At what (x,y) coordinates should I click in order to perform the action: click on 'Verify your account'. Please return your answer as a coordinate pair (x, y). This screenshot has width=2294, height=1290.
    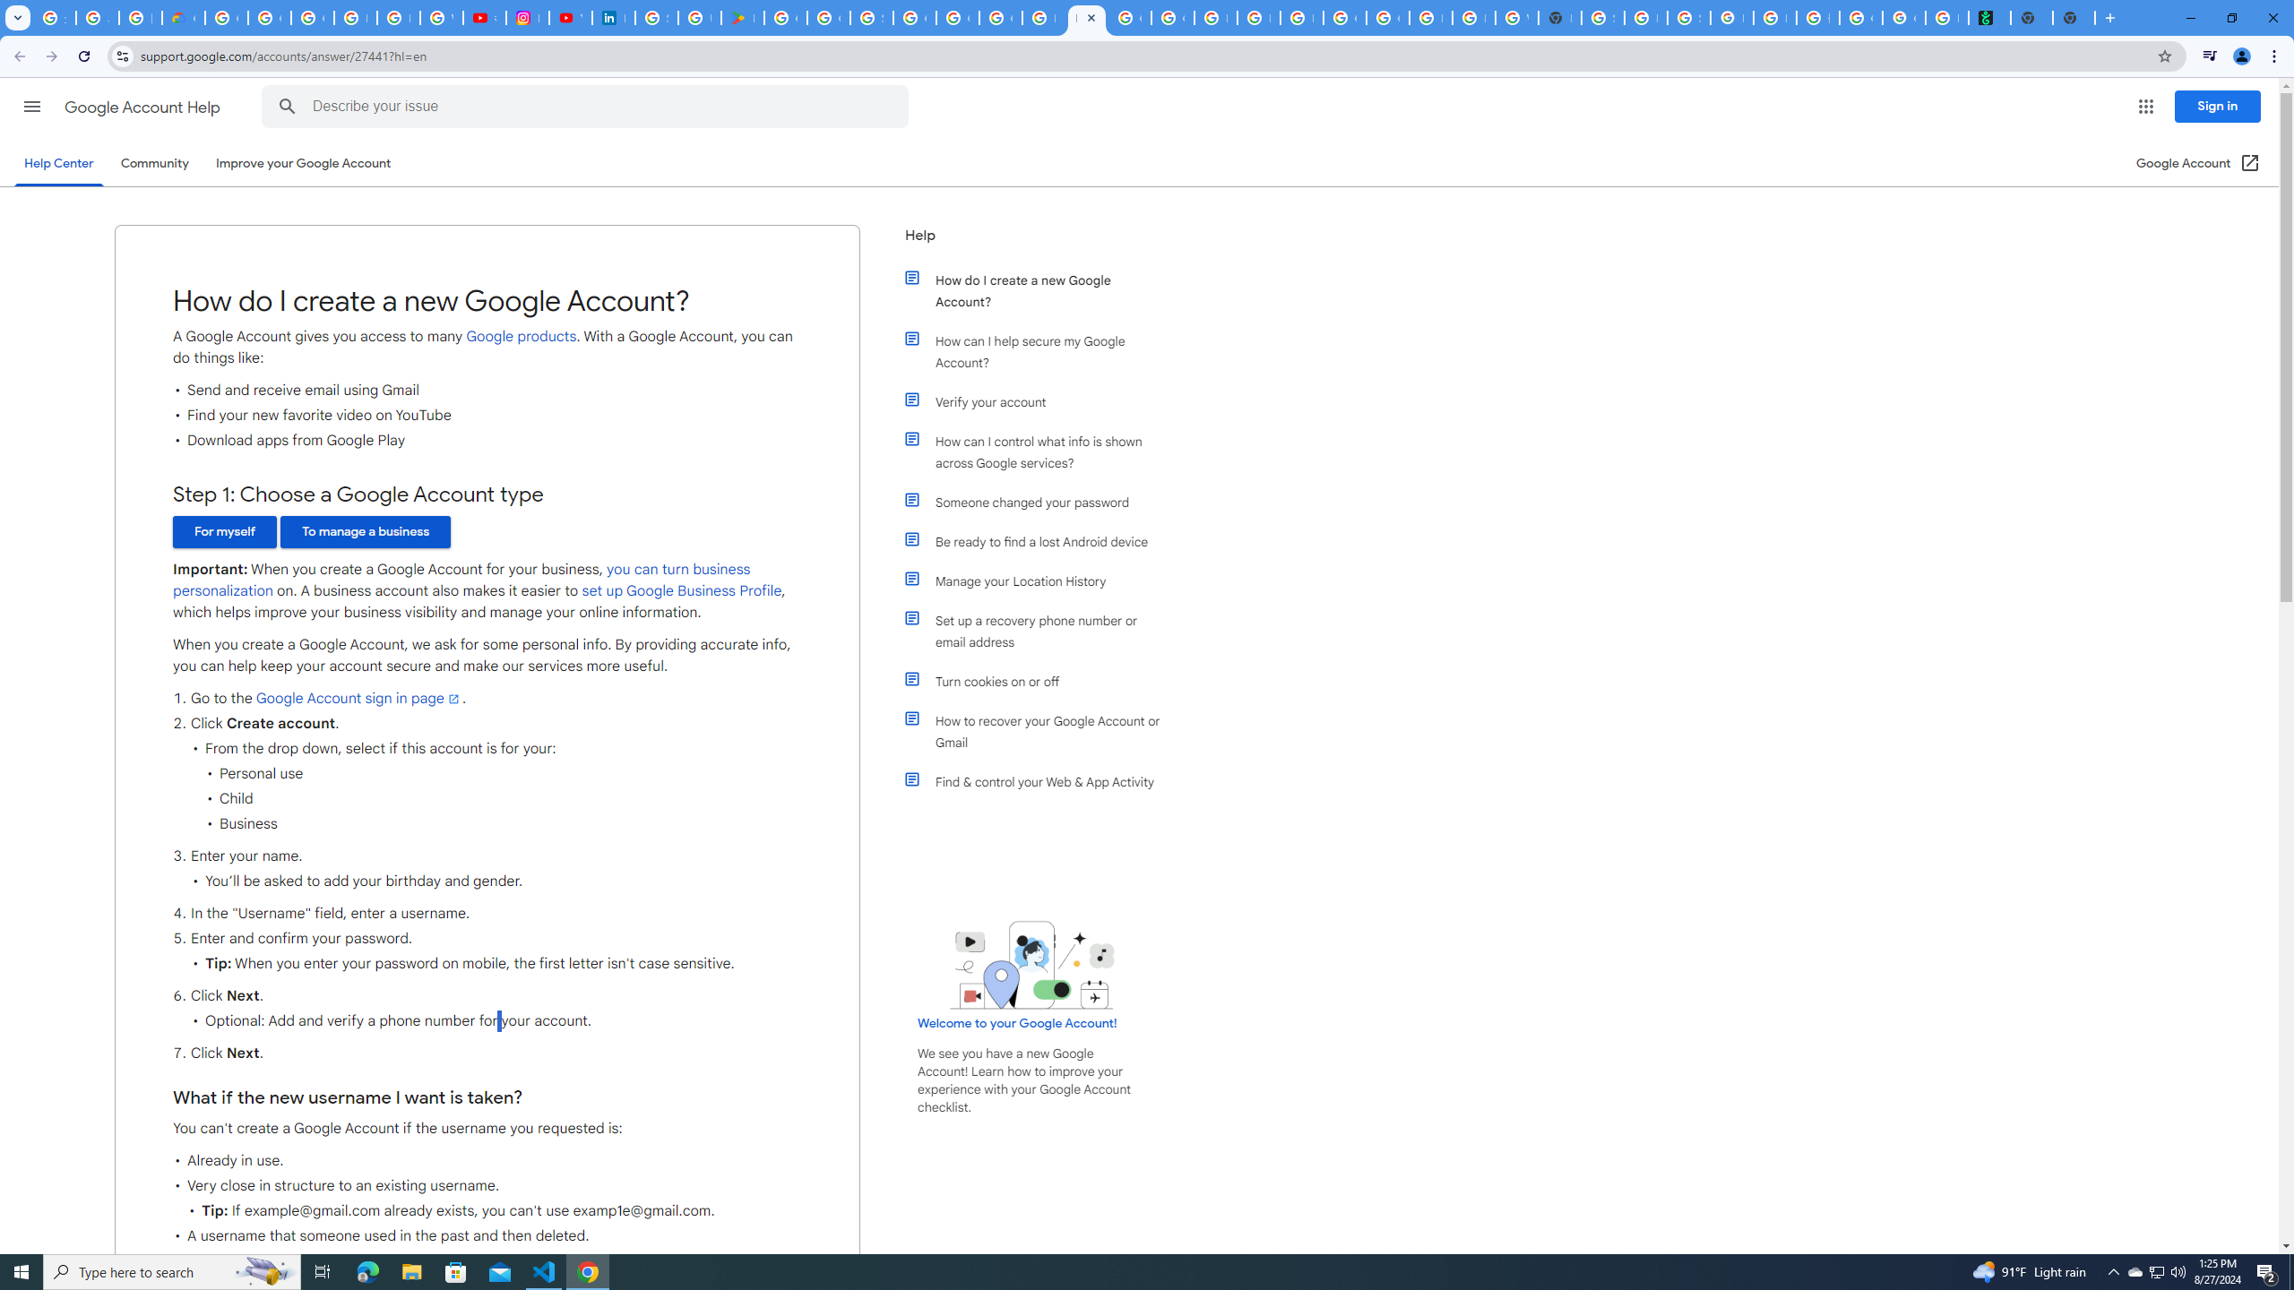
    Looking at the image, I should click on (1041, 401).